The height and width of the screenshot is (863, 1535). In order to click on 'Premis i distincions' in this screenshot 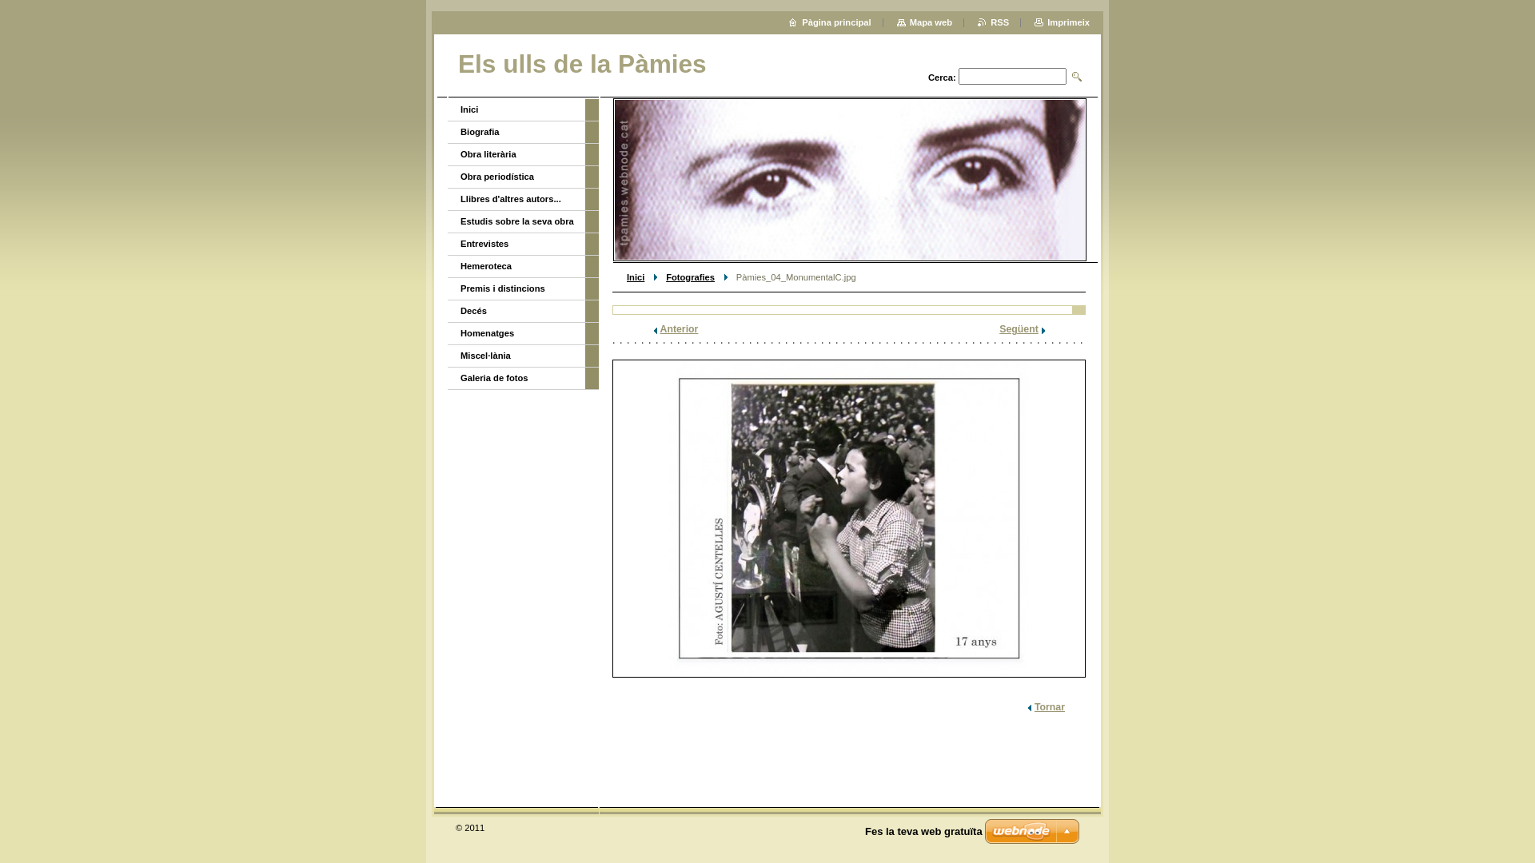, I will do `click(516, 288)`.